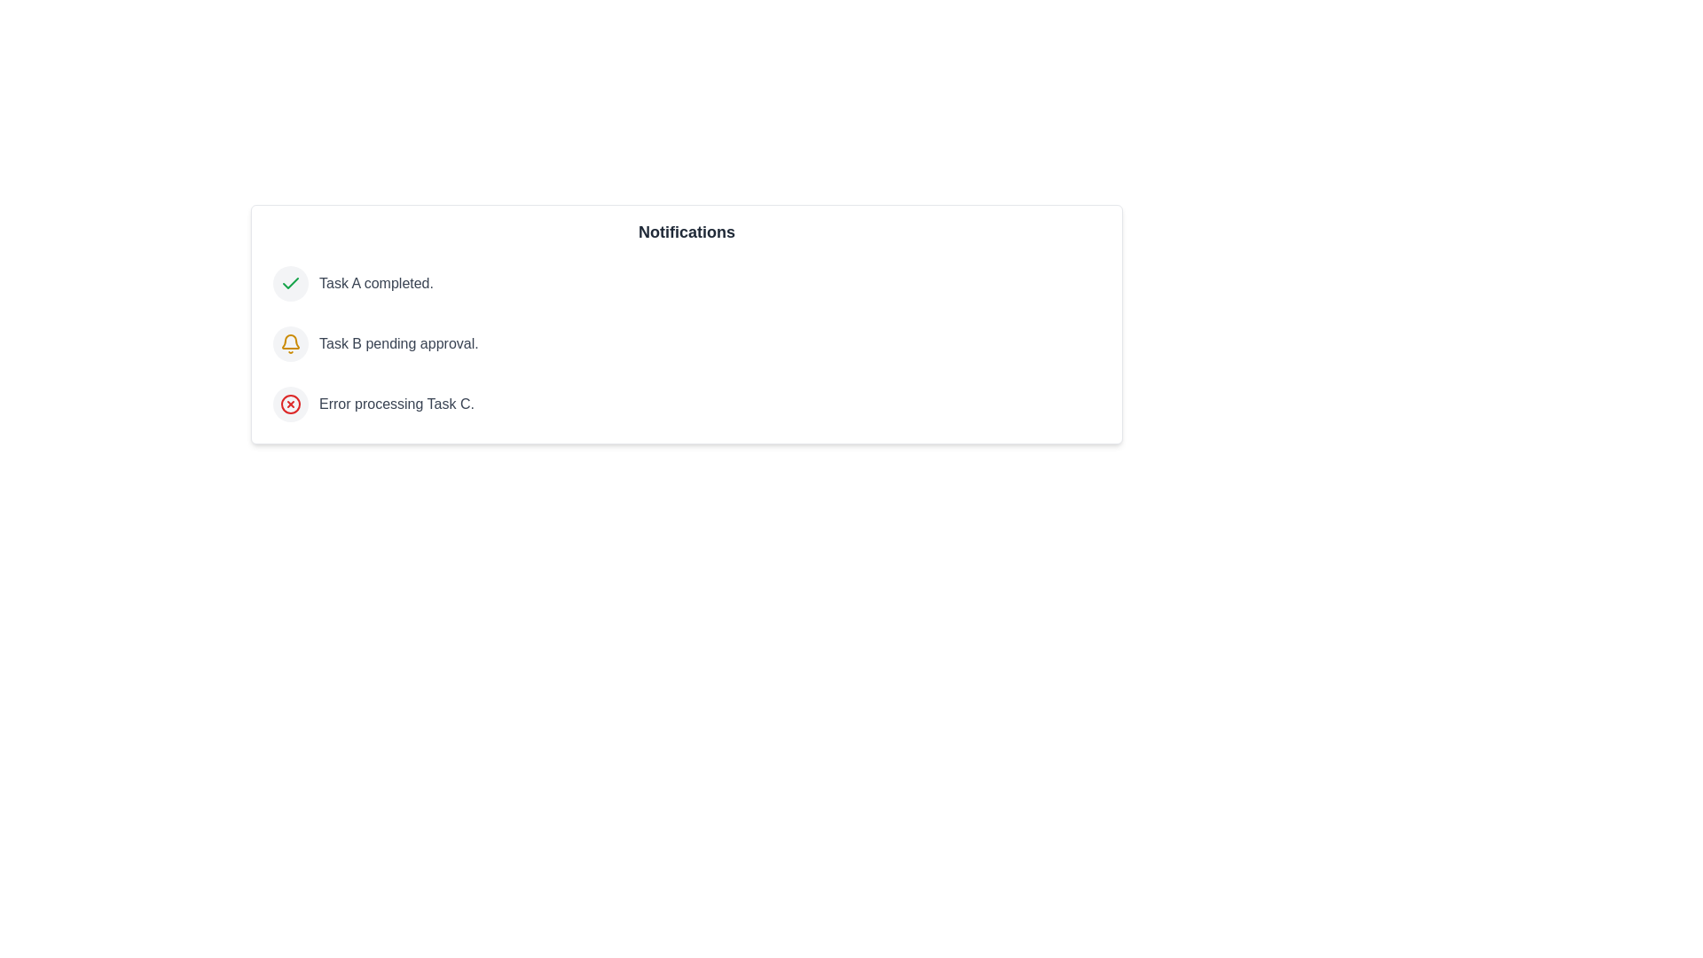  Describe the element at coordinates (290, 404) in the screenshot. I see `the icon associated with the notification of type error` at that location.